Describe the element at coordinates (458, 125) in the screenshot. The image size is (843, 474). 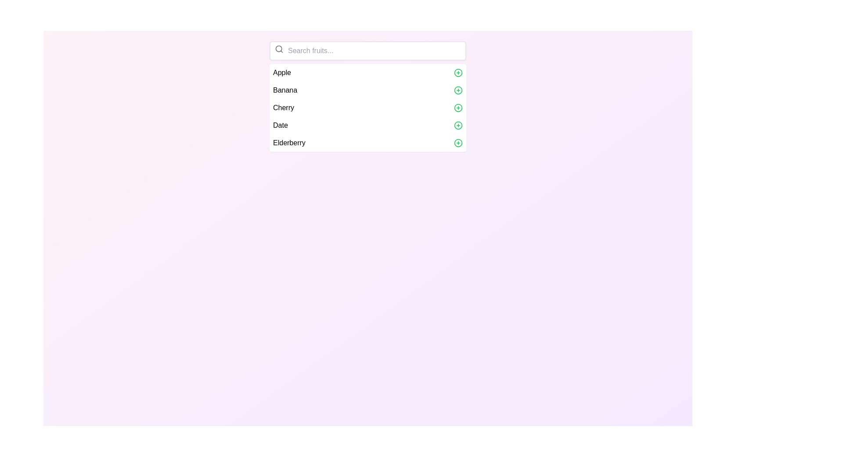
I see `the interactive button located in the fourth row of the list, to the right of the 'Date' label` at that location.